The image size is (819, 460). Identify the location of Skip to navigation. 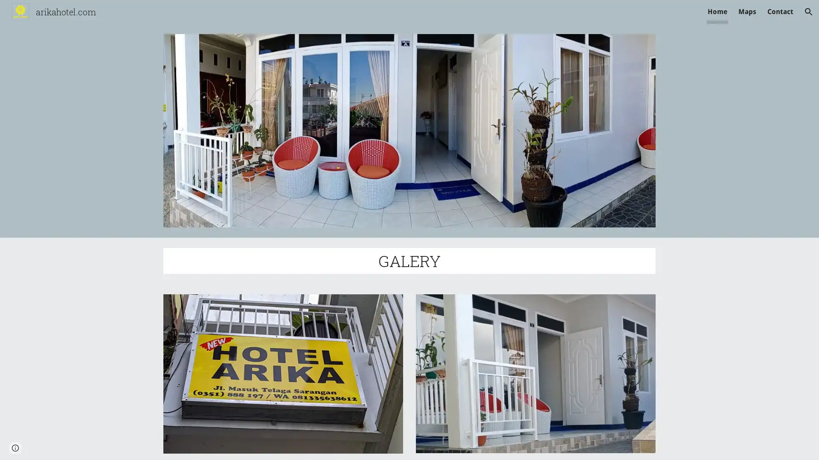
(486, 16).